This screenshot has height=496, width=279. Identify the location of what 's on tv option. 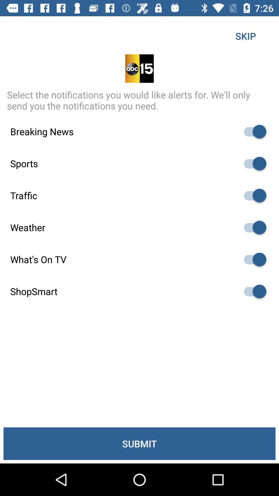
(252, 259).